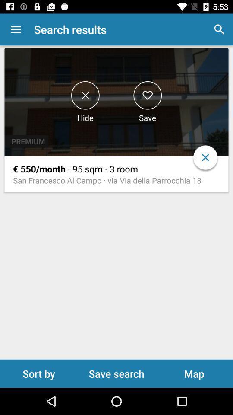 This screenshot has width=233, height=415. I want to click on button, so click(147, 95).